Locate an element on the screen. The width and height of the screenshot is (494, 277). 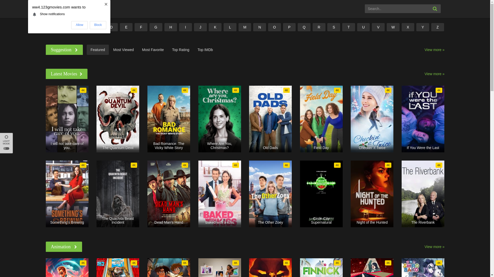
'K' is located at coordinates (215, 27).